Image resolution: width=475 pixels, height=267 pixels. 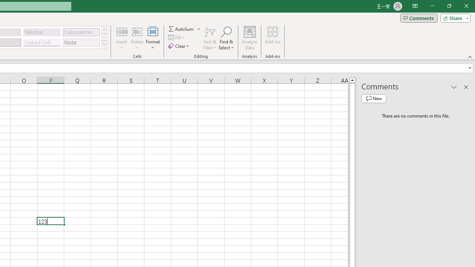 What do you see at coordinates (470, 56) in the screenshot?
I see `'Collapse the Ribbon'` at bounding box center [470, 56].